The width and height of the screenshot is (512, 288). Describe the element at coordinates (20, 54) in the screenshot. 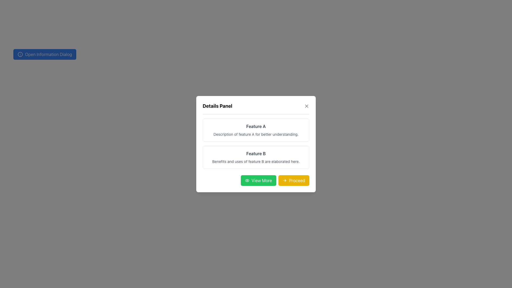

I see `the circular information icon located on the left side of the 'Open Information Dialog' button, which features a monochromatic design with a vertical line and dot within a circle` at that location.